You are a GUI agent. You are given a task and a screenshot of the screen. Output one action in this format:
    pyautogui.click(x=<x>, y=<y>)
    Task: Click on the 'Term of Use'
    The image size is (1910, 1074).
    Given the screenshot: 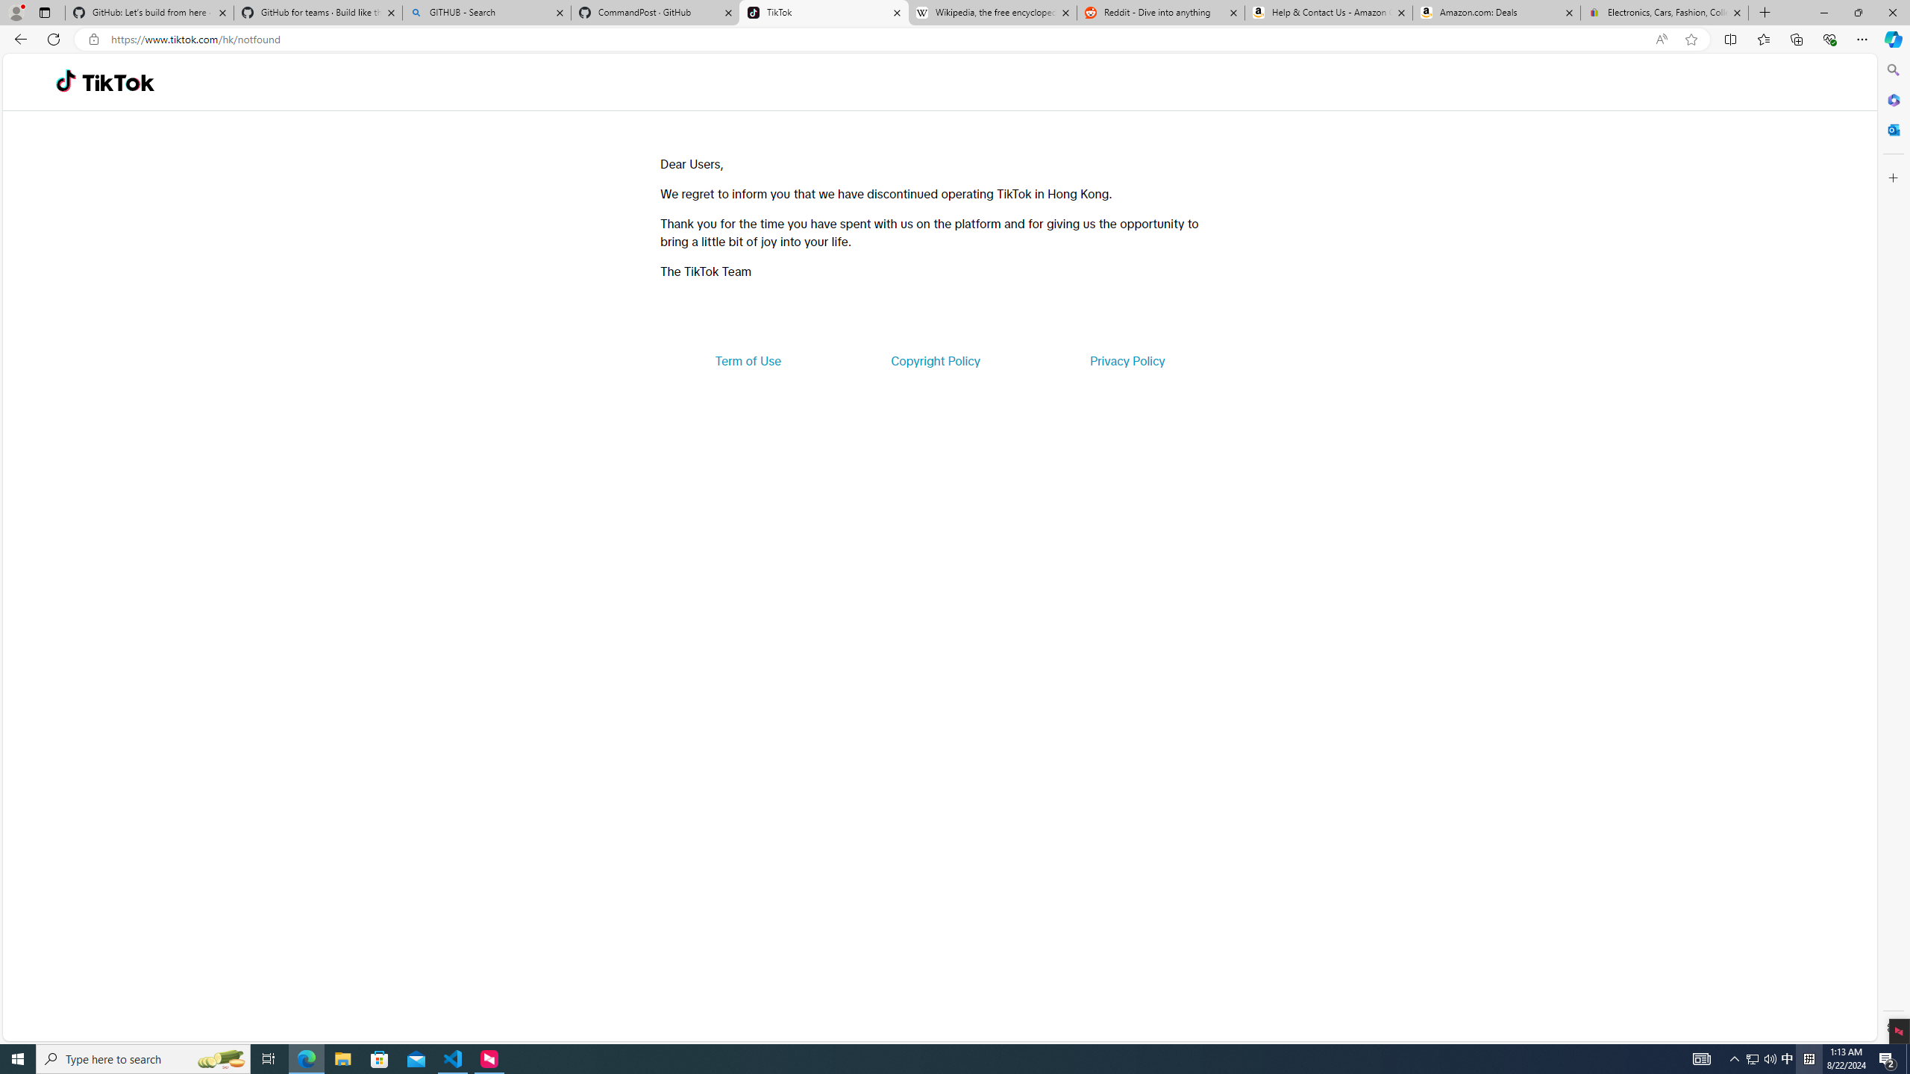 What is the action you would take?
    pyautogui.click(x=748, y=359)
    